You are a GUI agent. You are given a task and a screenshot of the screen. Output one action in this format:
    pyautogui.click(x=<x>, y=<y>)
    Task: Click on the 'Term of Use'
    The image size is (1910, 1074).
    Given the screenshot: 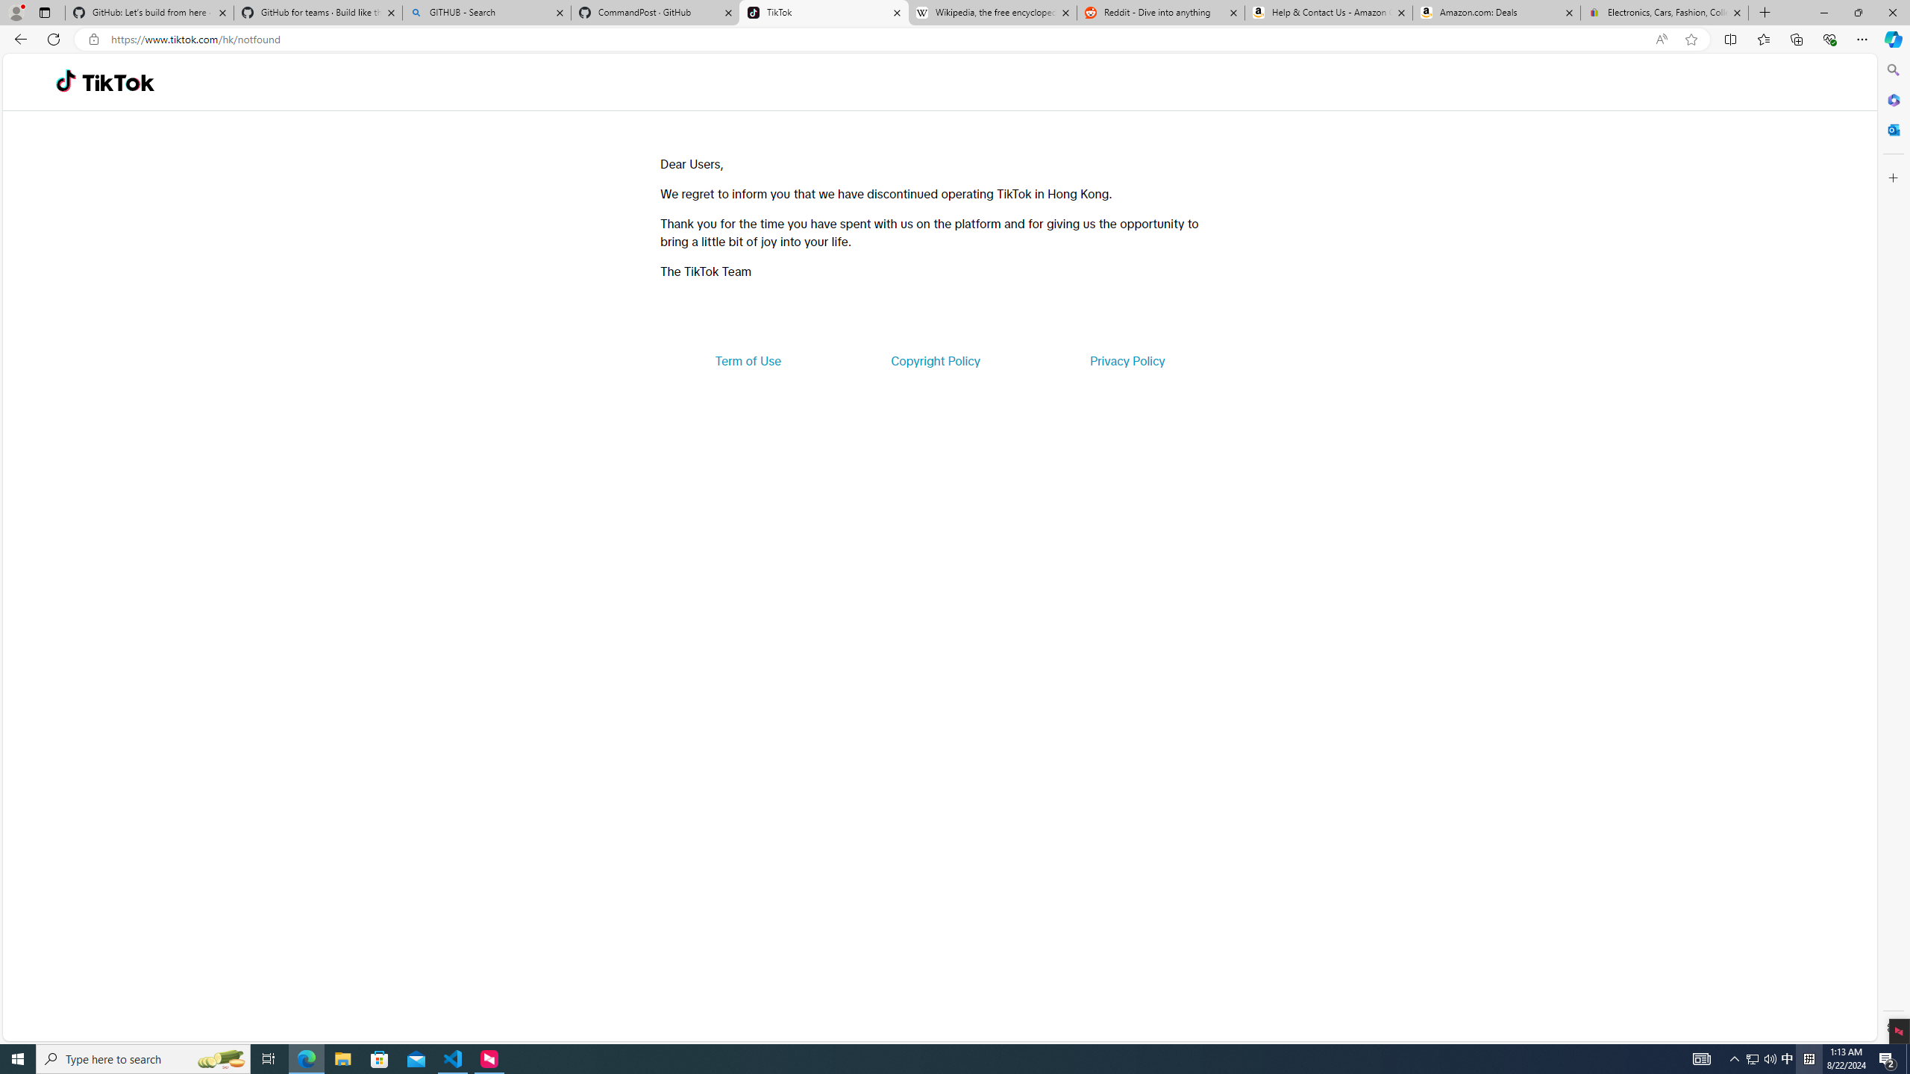 What is the action you would take?
    pyautogui.click(x=748, y=359)
    